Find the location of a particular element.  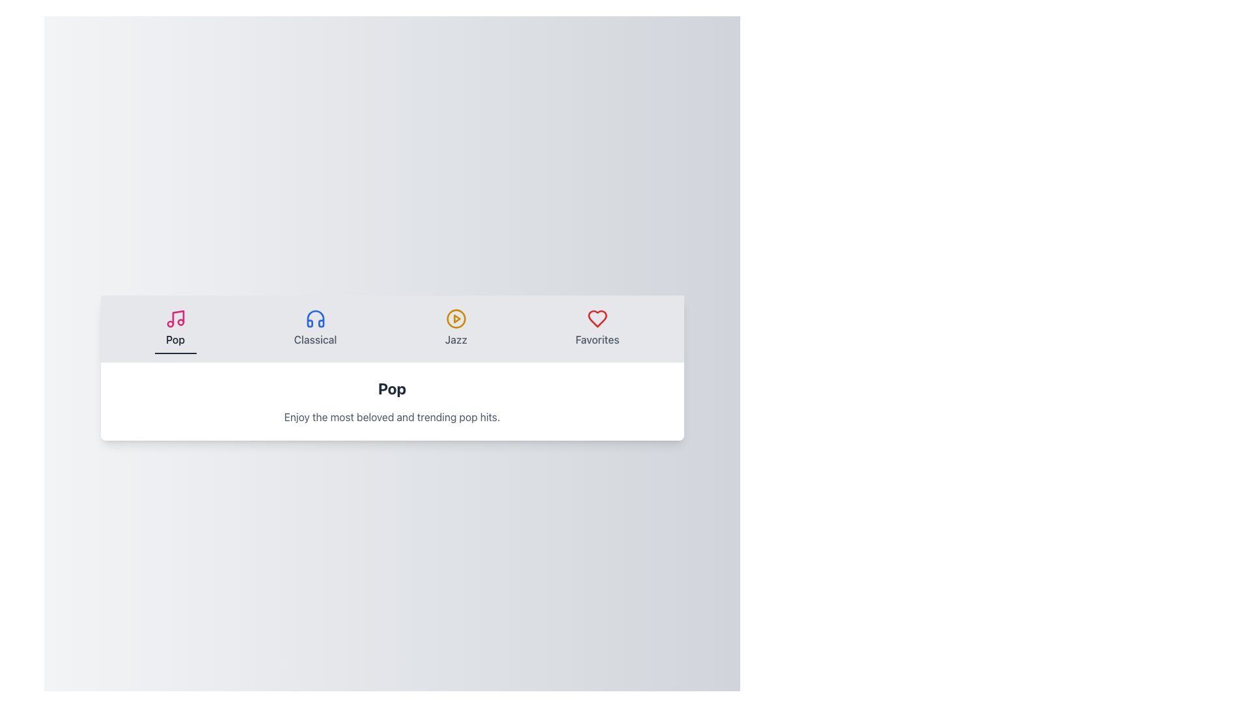

the favorites button located in the horizontal navigation bar, which is the last item after 'Jazz' is located at coordinates (596, 327).